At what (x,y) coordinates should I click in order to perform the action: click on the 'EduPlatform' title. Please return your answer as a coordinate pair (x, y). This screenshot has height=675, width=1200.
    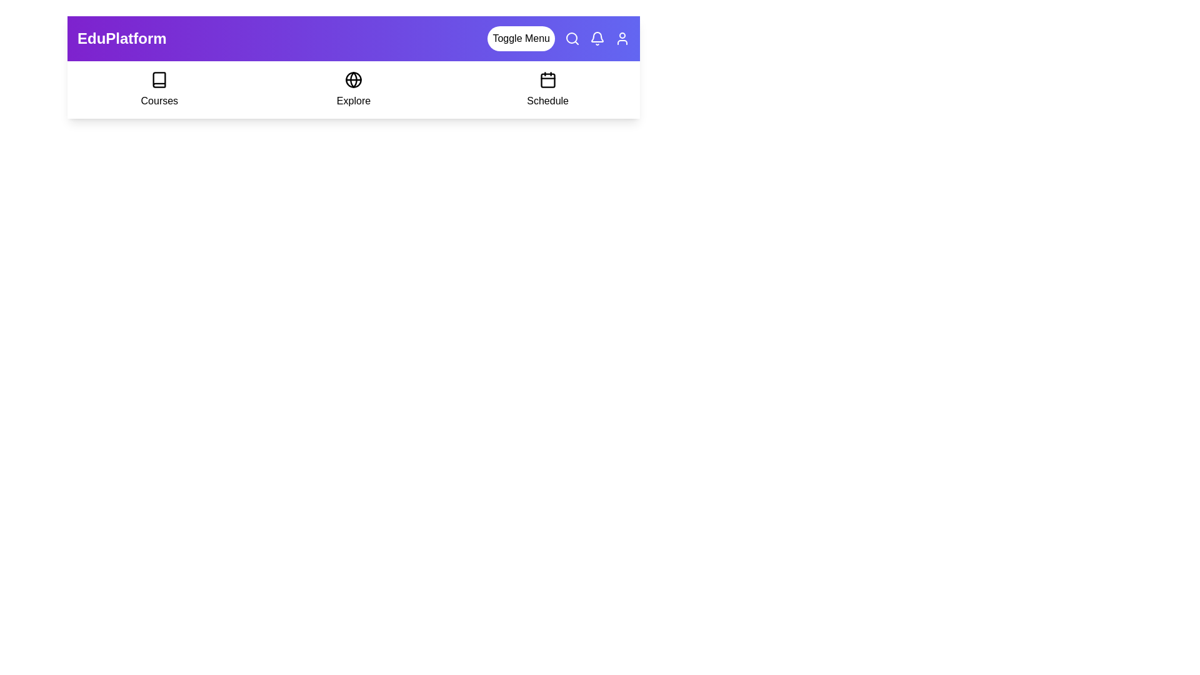
    Looking at the image, I should click on (122, 37).